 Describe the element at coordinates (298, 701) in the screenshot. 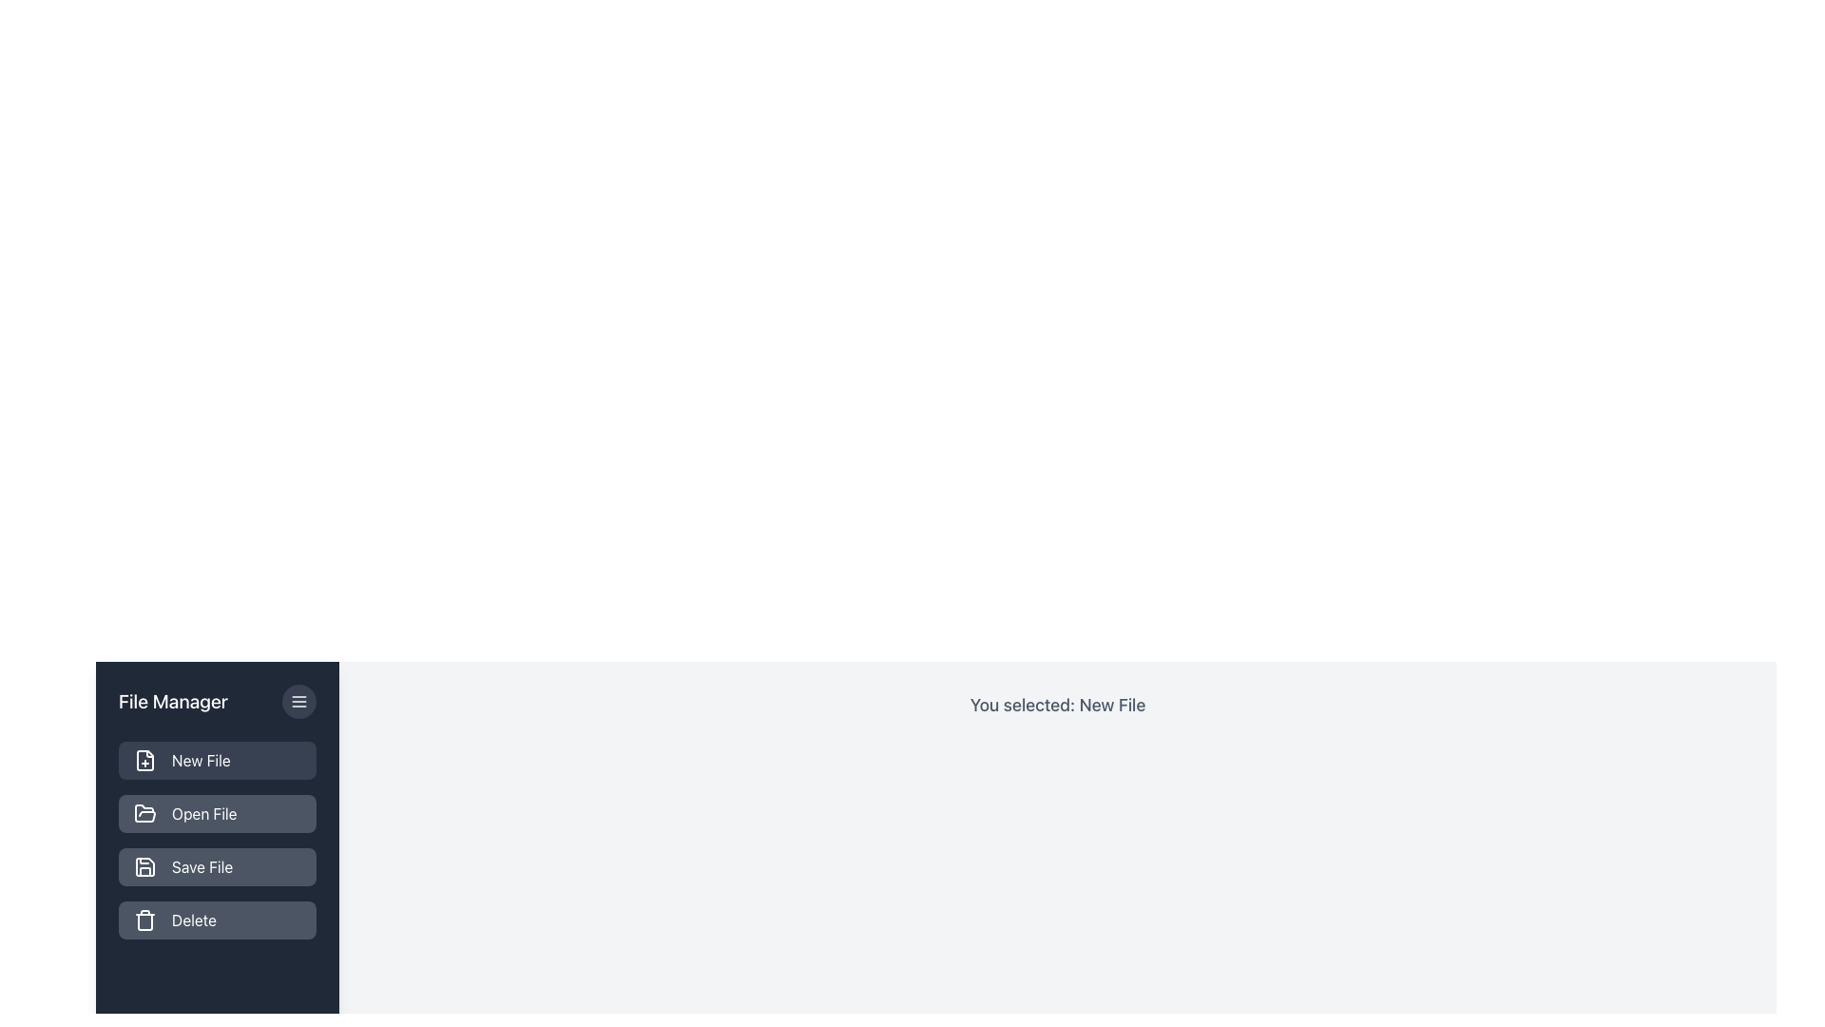

I see `the hamburger menu icon button located in the top-right corner of the left-side menu panel` at that location.